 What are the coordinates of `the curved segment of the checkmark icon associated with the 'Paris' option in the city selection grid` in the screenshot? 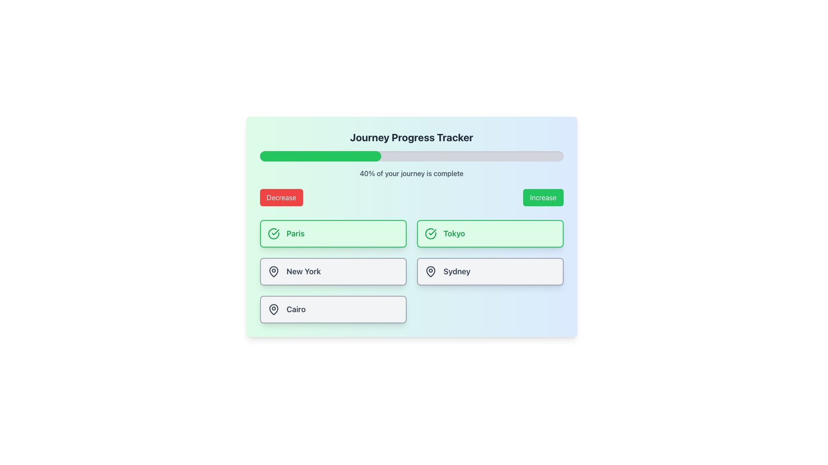 It's located at (273, 234).